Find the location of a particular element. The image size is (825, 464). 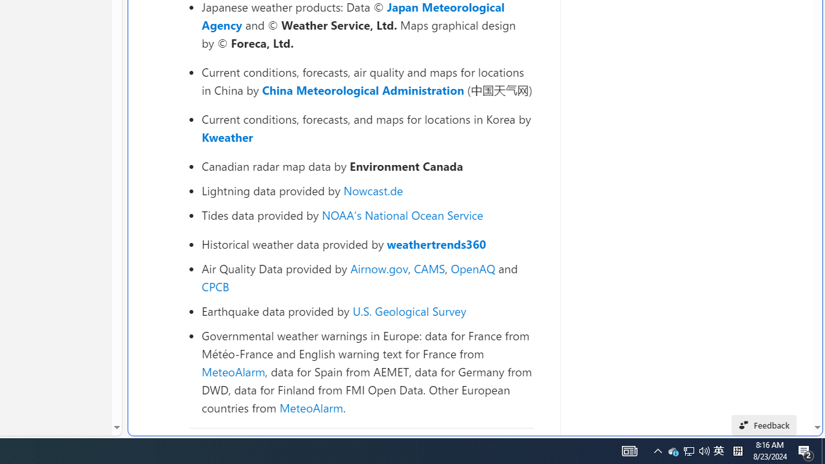

'Kweather' is located at coordinates (228, 137).